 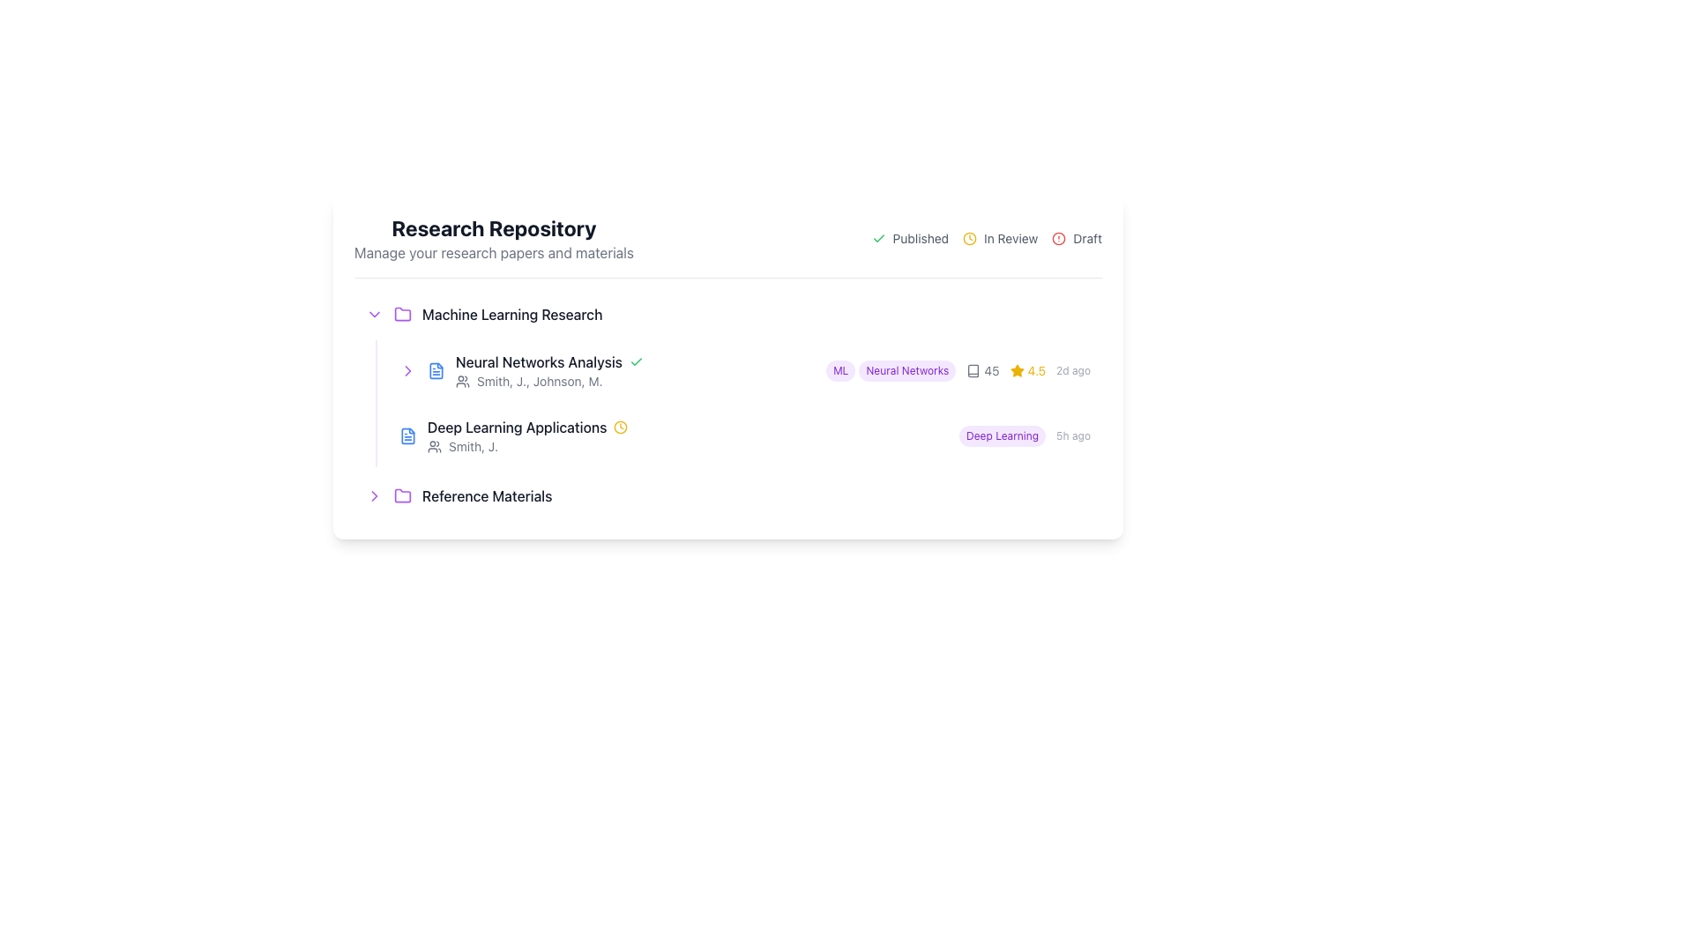 I want to click on the Chevron-down icon located at the center-left of the 'Machine Learning Research' section, so click(x=374, y=314).